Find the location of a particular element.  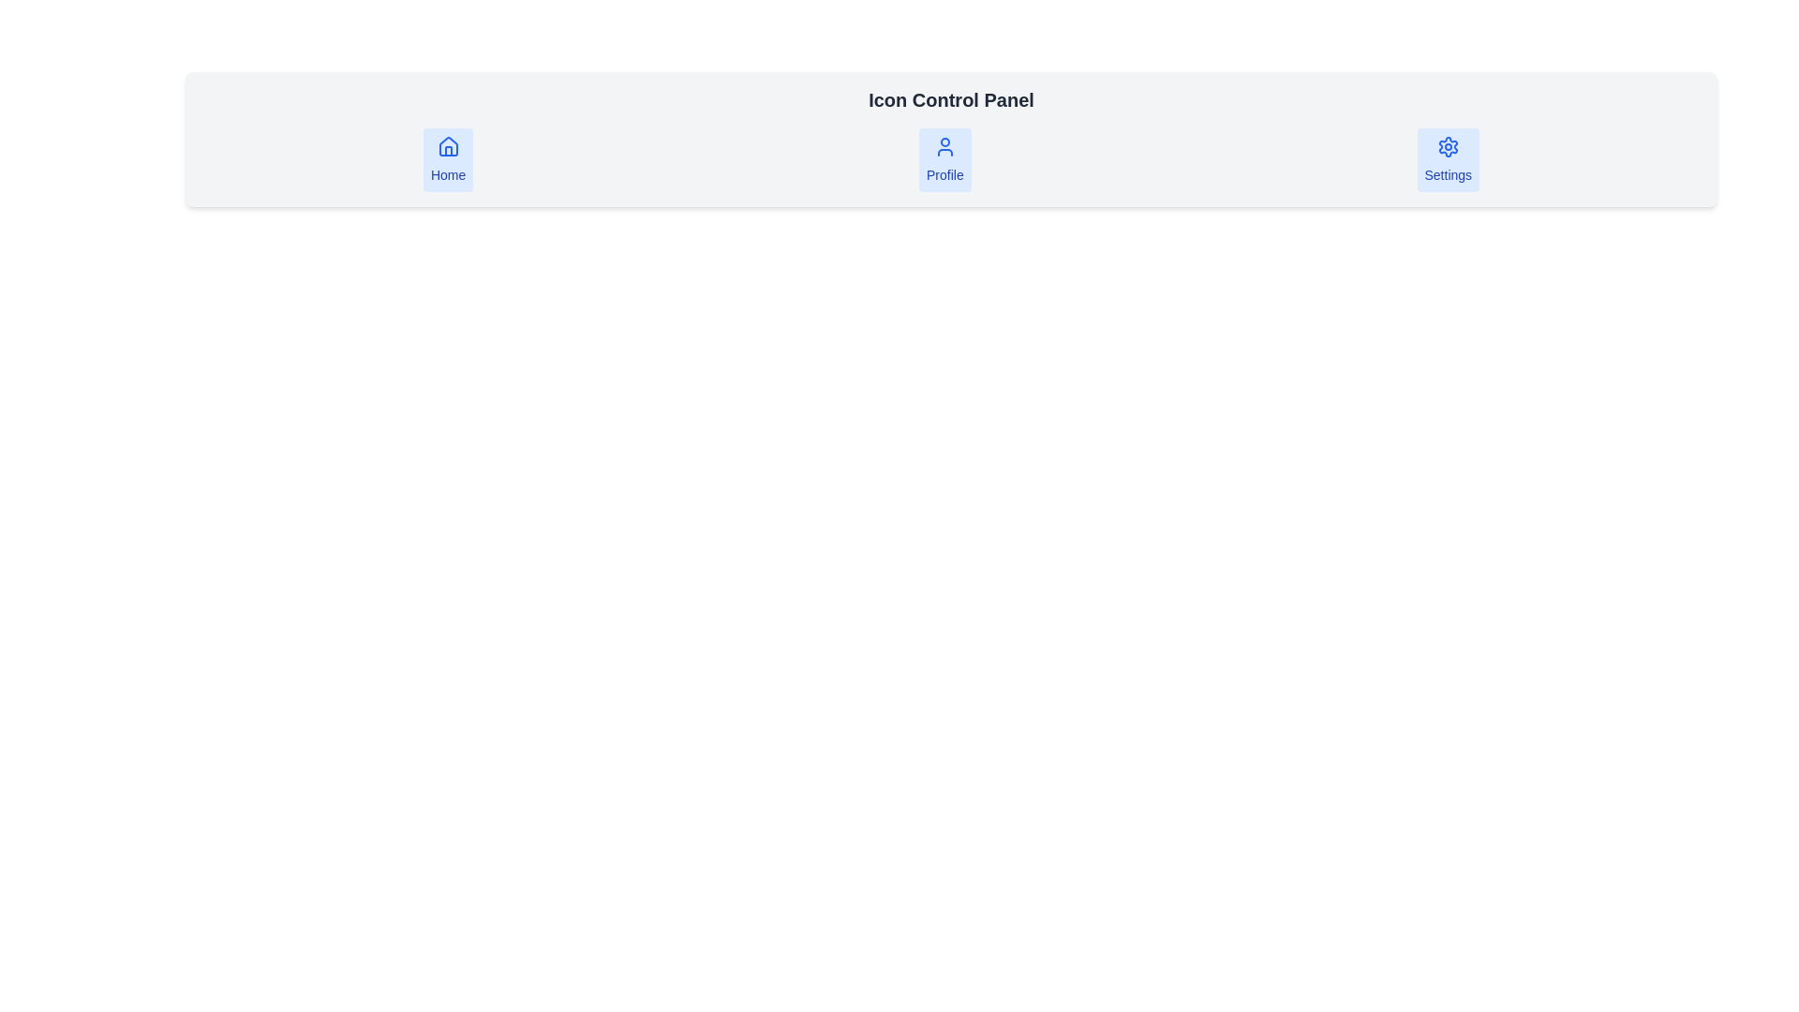

text label that says 'Profile', styled in small dark blue font, located below the user profile icon in the center of the row is located at coordinates (944, 174).